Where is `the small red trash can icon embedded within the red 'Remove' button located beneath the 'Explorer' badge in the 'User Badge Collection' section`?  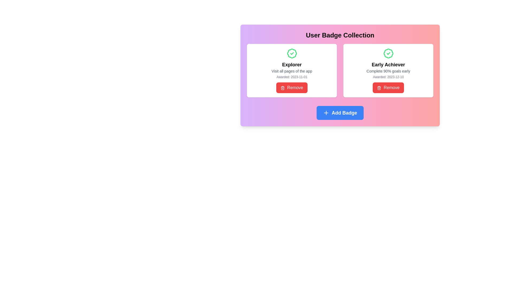
the small red trash can icon embedded within the red 'Remove' button located beneath the 'Explorer' badge in the 'User Badge Collection' section is located at coordinates (282, 88).